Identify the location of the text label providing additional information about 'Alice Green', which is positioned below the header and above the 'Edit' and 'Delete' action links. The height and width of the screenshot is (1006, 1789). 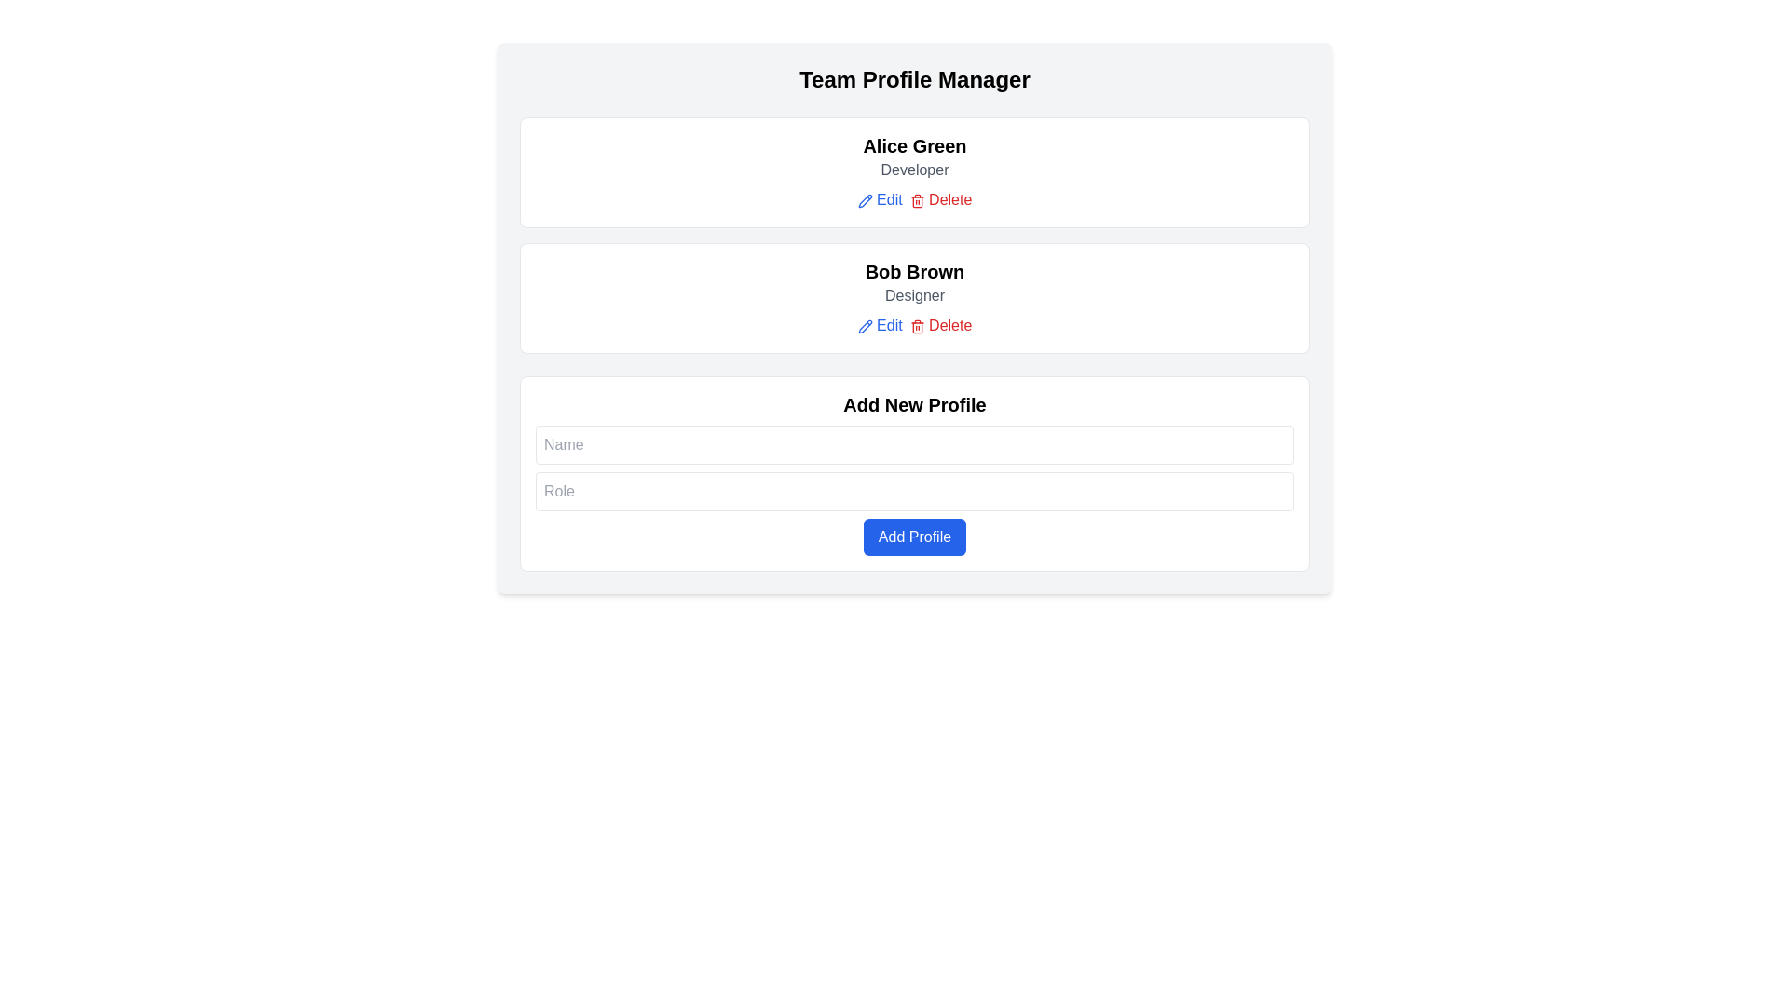
(915, 170).